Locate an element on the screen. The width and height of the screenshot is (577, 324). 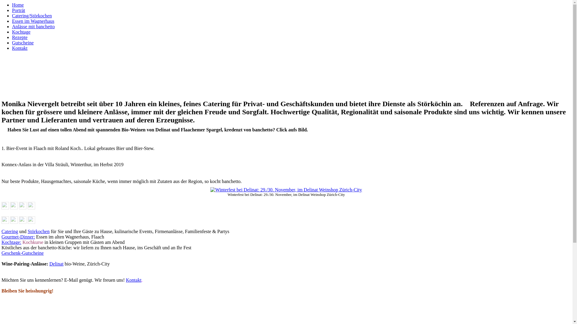
'Catering' is located at coordinates (10, 231).